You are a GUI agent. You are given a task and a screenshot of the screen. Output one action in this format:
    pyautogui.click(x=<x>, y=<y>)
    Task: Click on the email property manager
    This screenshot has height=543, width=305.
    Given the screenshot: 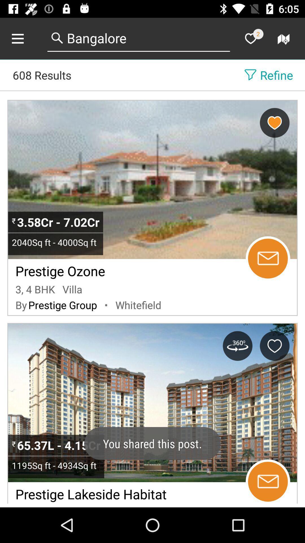 What is the action you would take?
    pyautogui.click(x=267, y=481)
    